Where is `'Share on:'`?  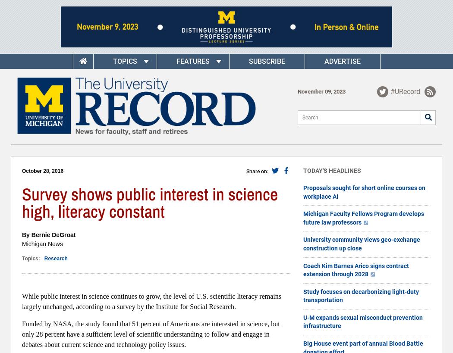 'Share on:' is located at coordinates (257, 171).